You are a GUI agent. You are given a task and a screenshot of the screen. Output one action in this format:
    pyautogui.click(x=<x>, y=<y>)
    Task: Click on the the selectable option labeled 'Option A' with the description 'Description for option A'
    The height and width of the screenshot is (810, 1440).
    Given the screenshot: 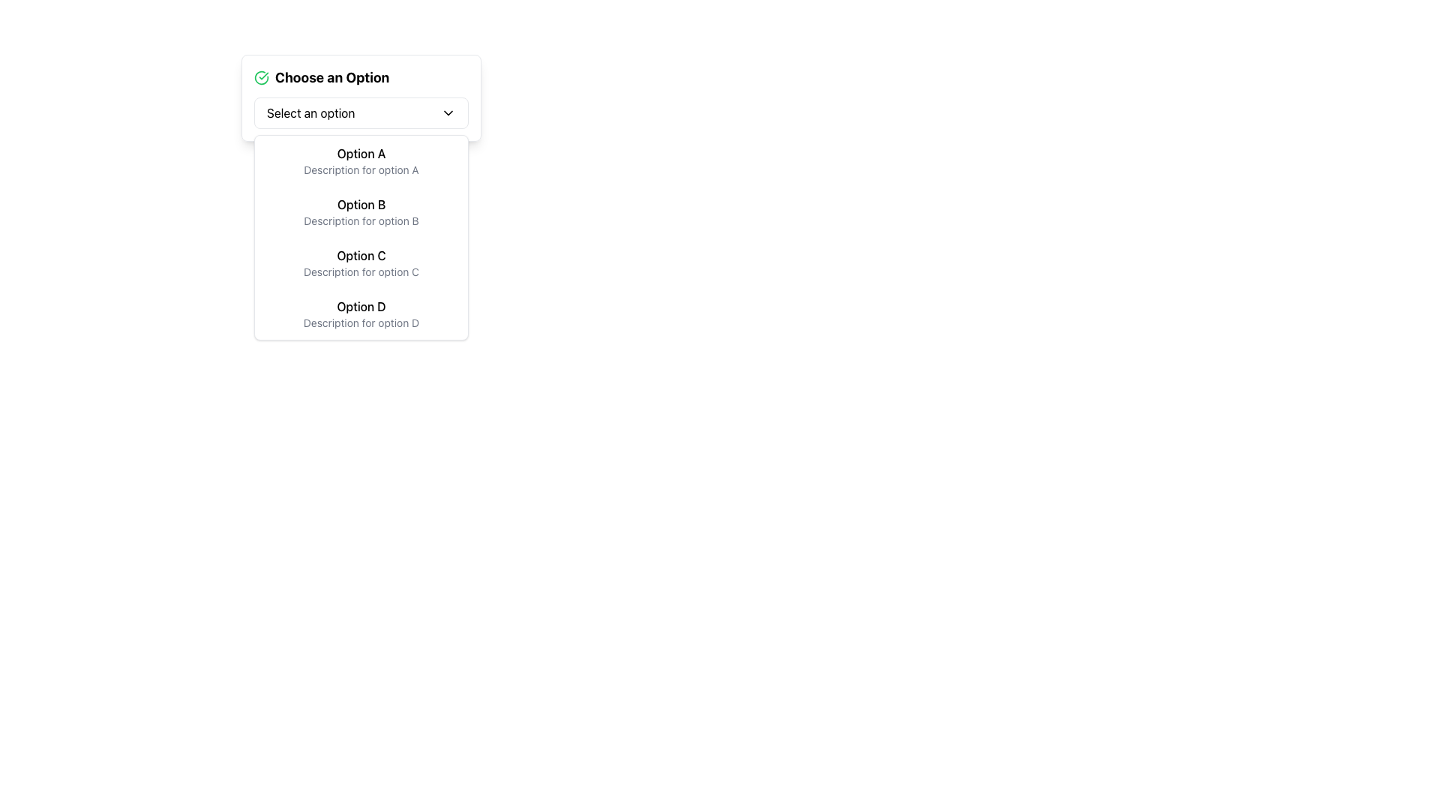 What is the action you would take?
    pyautogui.click(x=361, y=161)
    